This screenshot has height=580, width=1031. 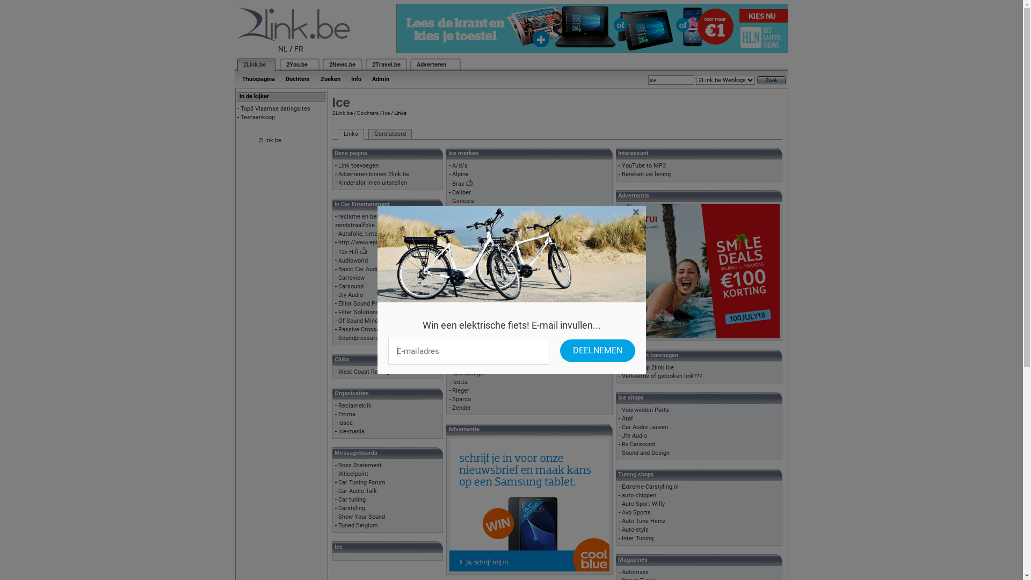 I want to click on 'Testaankoop', so click(x=258, y=117).